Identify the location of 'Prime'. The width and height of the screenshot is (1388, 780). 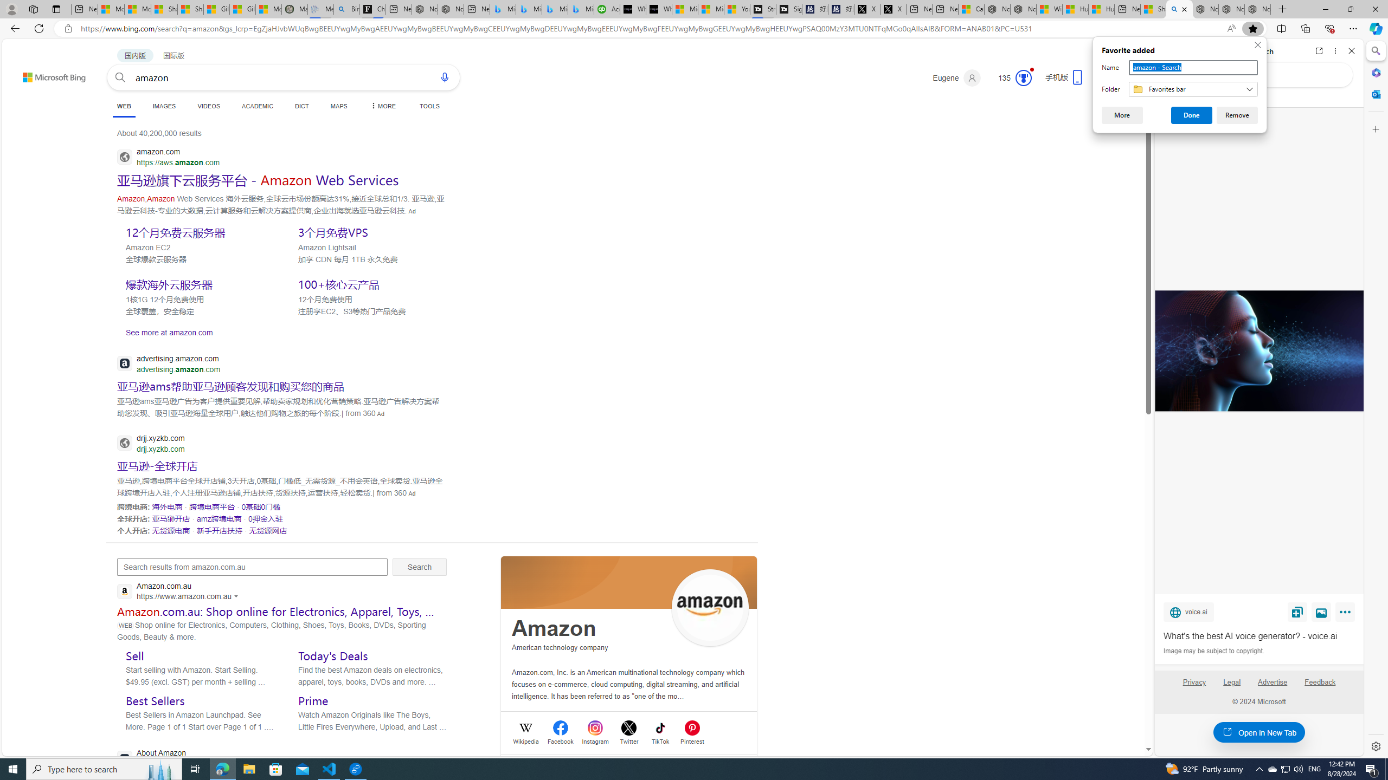
(313, 700).